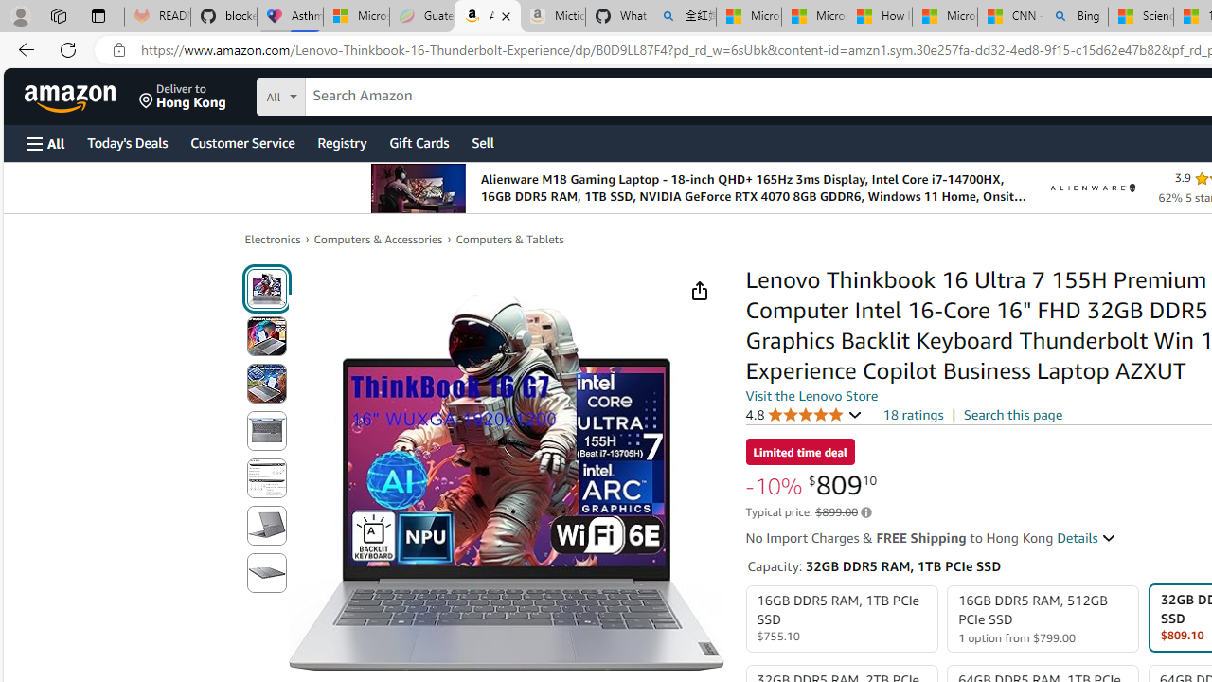 Image resolution: width=1212 pixels, height=682 pixels. Describe the element at coordinates (509, 239) in the screenshot. I see `'Computers & Tablets'` at that location.